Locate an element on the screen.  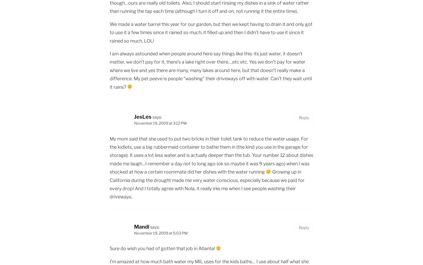
'November 19, 2009 at 5:03 PM' is located at coordinates (160, 232).